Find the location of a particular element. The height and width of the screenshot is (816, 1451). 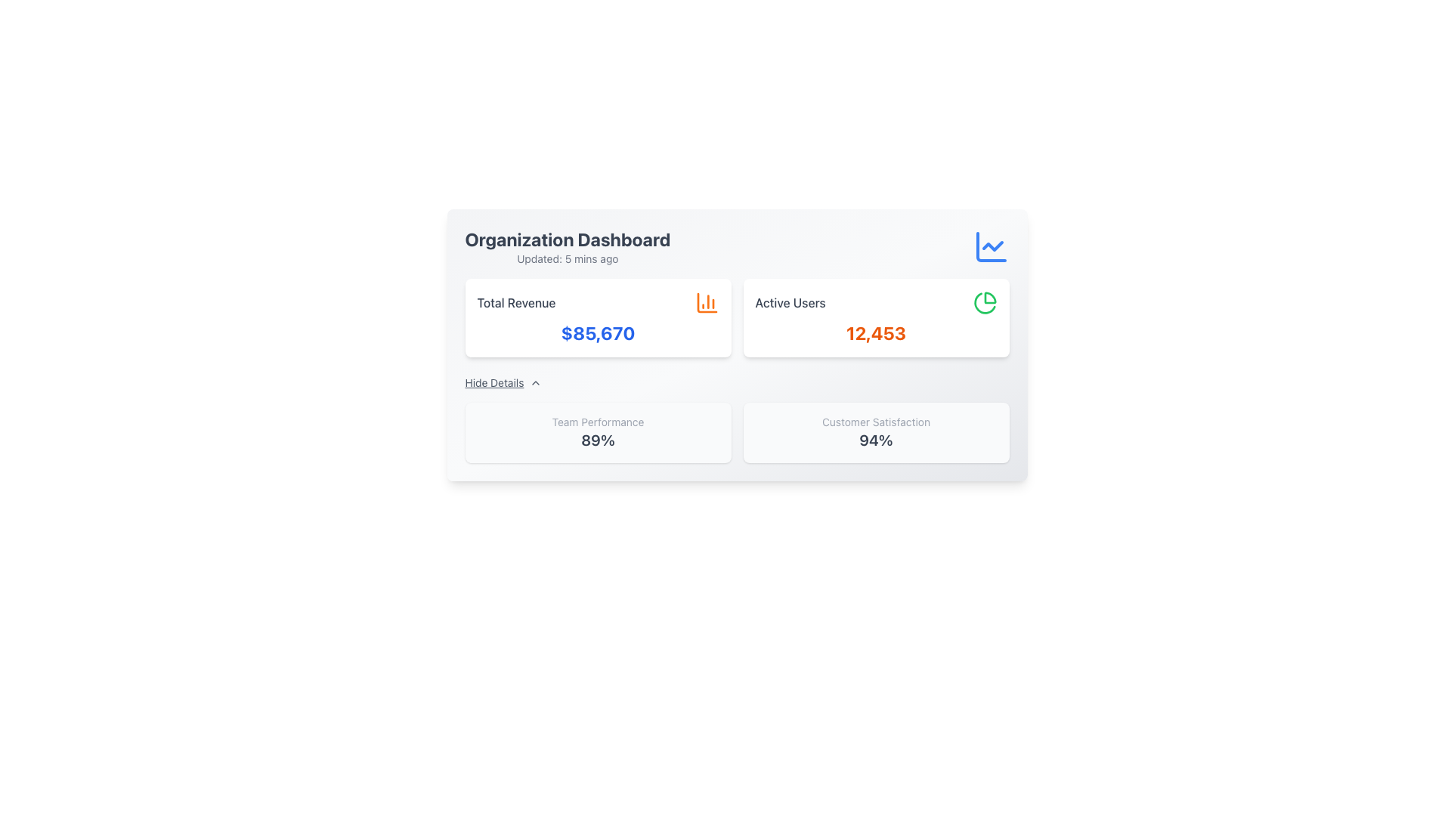

the 'Hide Details' interactive link with upward-pointing chevron icon is located at coordinates (503, 382).